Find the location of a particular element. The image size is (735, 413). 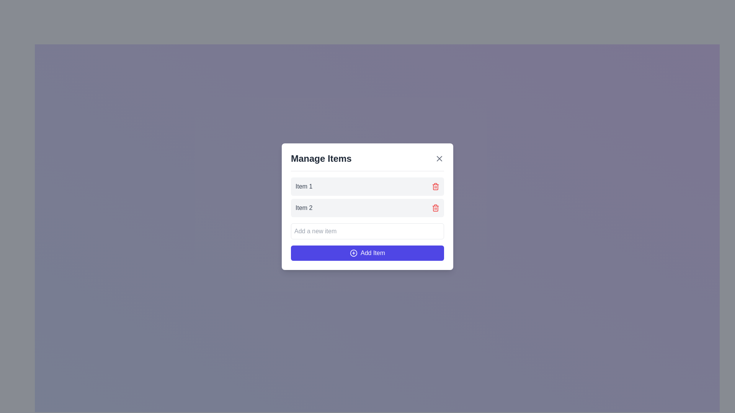

the 'Add Item' button at the bottom of the 'Manage Items' panel, which has a purple background and white text with a plus icon is located at coordinates (367, 253).